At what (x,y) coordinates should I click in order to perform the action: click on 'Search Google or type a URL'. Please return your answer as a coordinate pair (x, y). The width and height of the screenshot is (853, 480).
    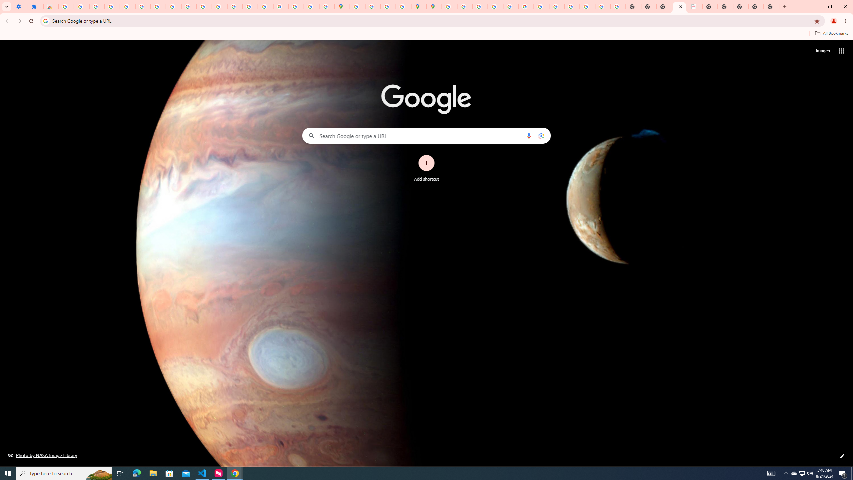
    Looking at the image, I should click on (426, 135).